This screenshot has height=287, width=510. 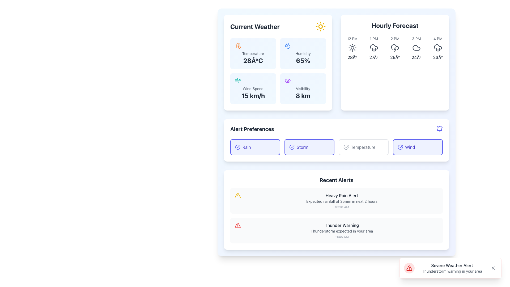 What do you see at coordinates (363, 147) in the screenshot?
I see `the 'Temperature' button` at bounding box center [363, 147].